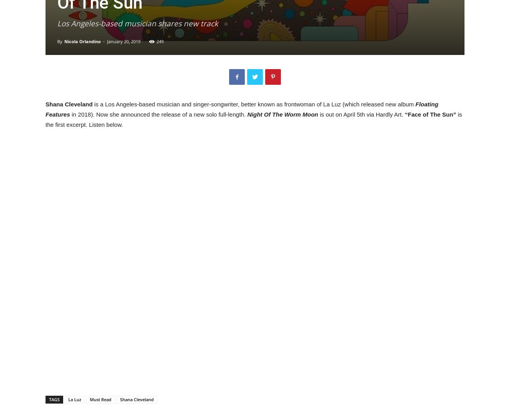  I want to click on 'La Luz', so click(75, 399).